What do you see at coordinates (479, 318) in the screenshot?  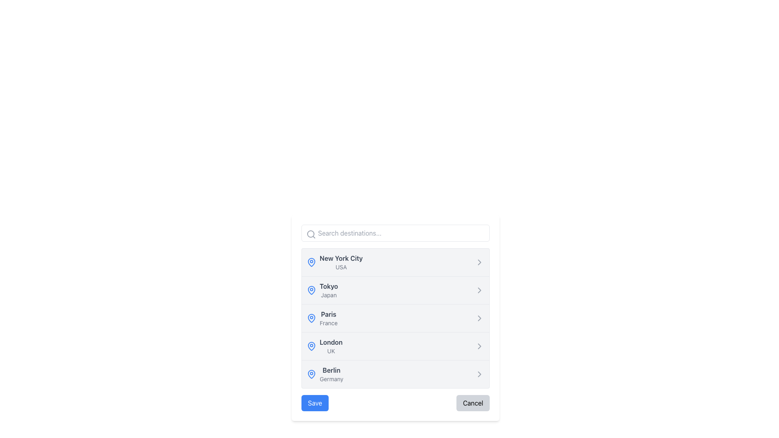 I see `the right-pointing chevron icon with a gray stroke color positioned at the far right of the row labeled 'Paris, France'` at bounding box center [479, 318].